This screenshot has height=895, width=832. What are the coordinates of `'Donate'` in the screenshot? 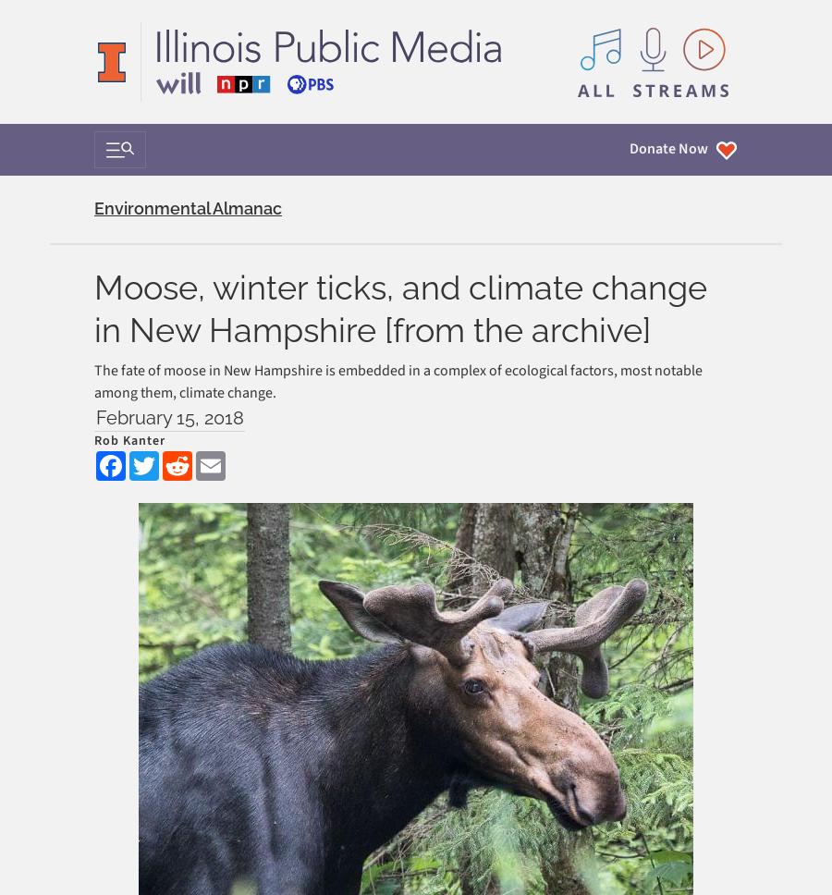 It's located at (108, 263).